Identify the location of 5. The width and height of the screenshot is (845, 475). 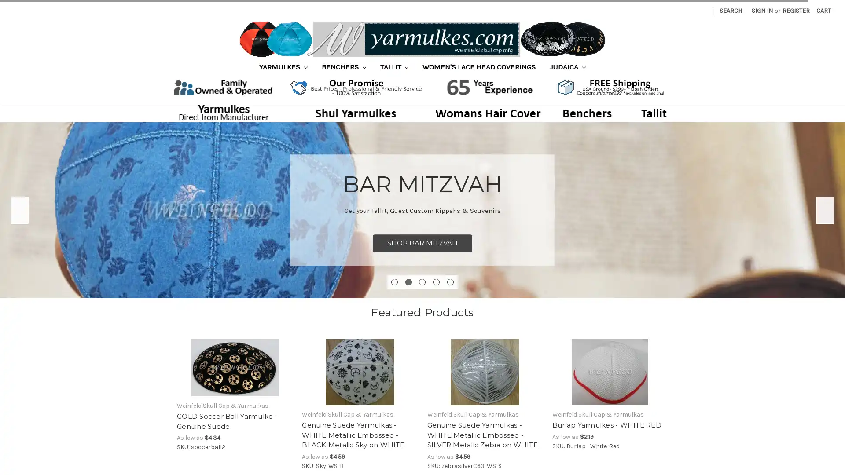
(450, 281).